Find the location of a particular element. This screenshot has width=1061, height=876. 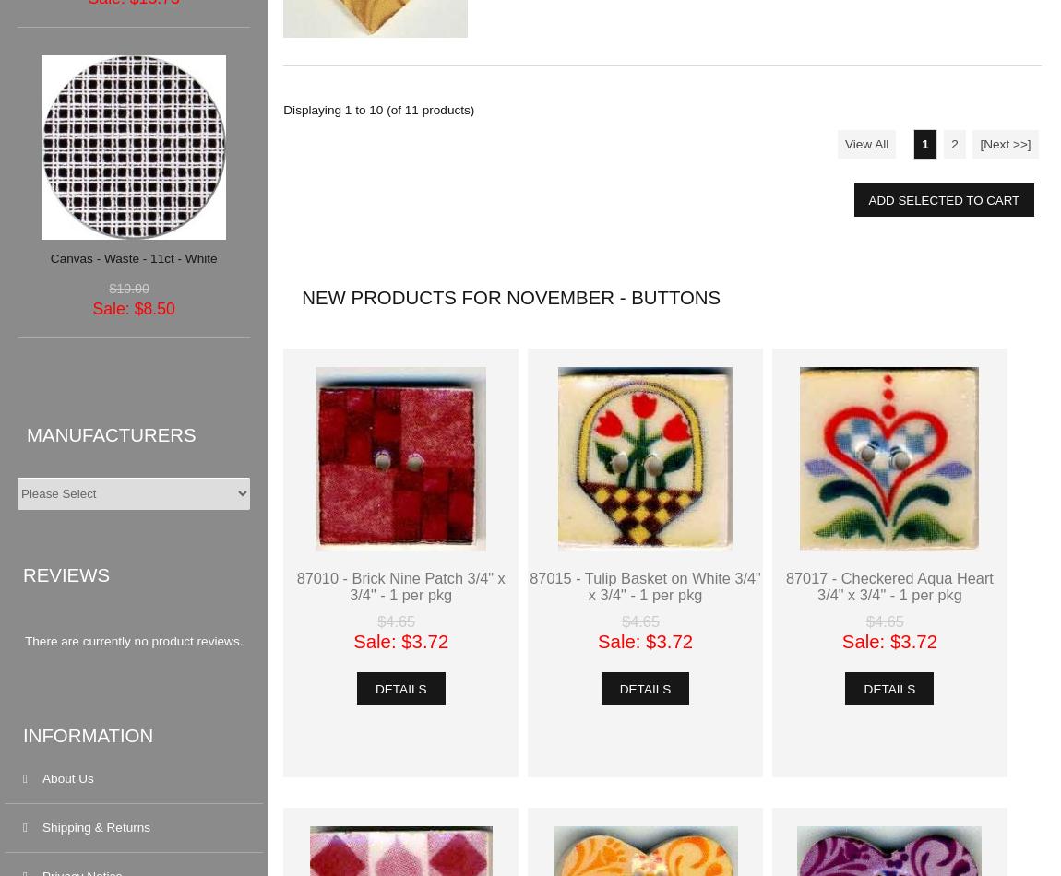

'to' is located at coordinates (360, 109).